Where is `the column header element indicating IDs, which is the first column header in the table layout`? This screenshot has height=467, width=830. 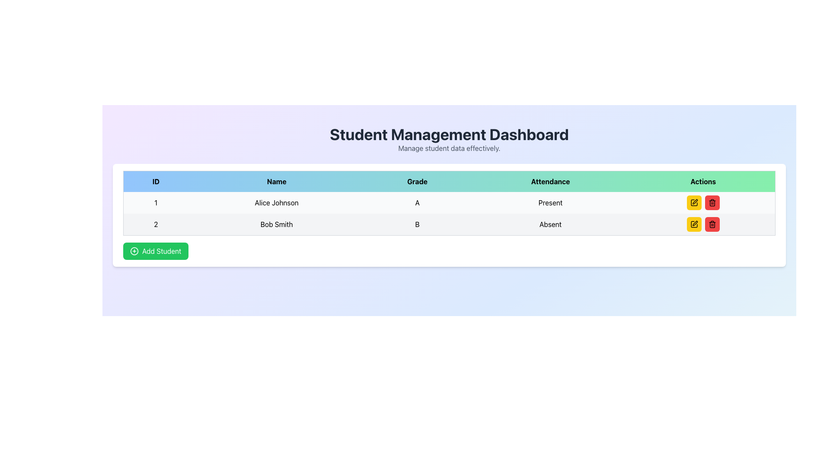
the column header element indicating IDs, which is the first column header in the table layout is located at coordinates (156, 181).